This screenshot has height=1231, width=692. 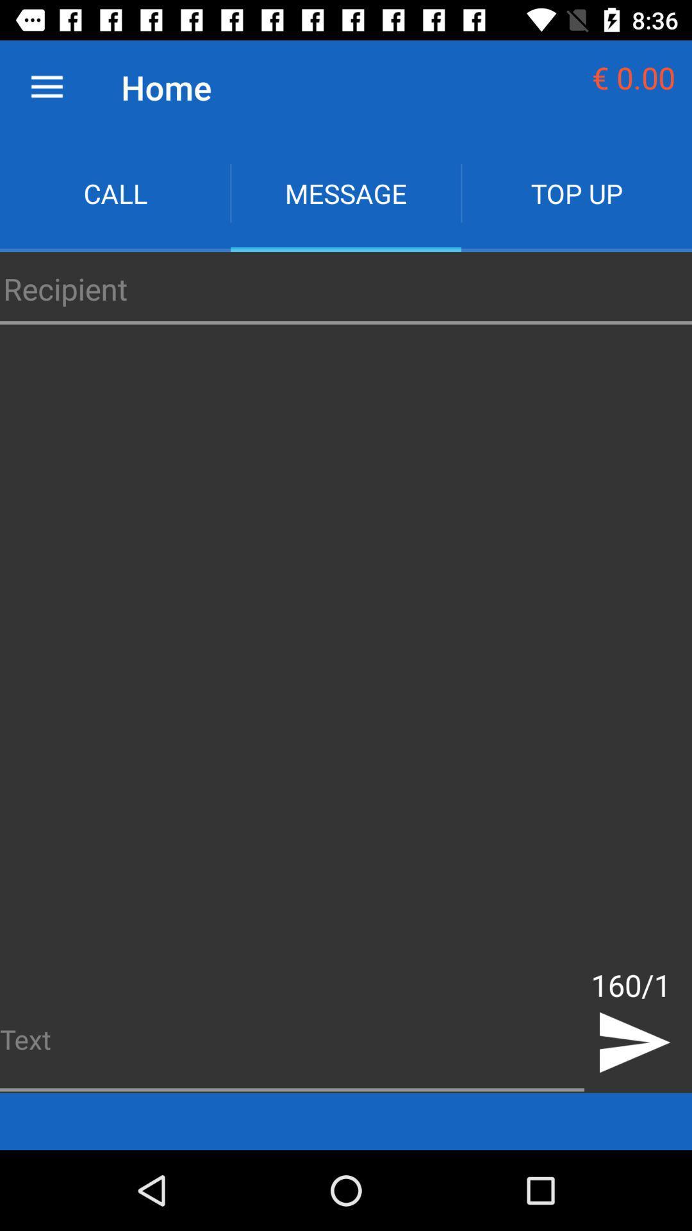 What do you see at coordinates (346, 192) in the screenshot?
I see `the item next to call` at bounding box center [346, 192].